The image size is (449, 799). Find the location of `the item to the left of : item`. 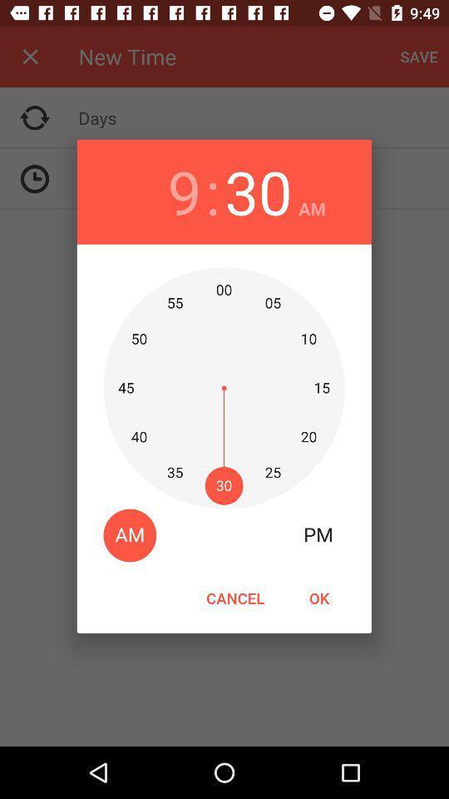

the item to the left of : item is located at coordinates (183, 191).